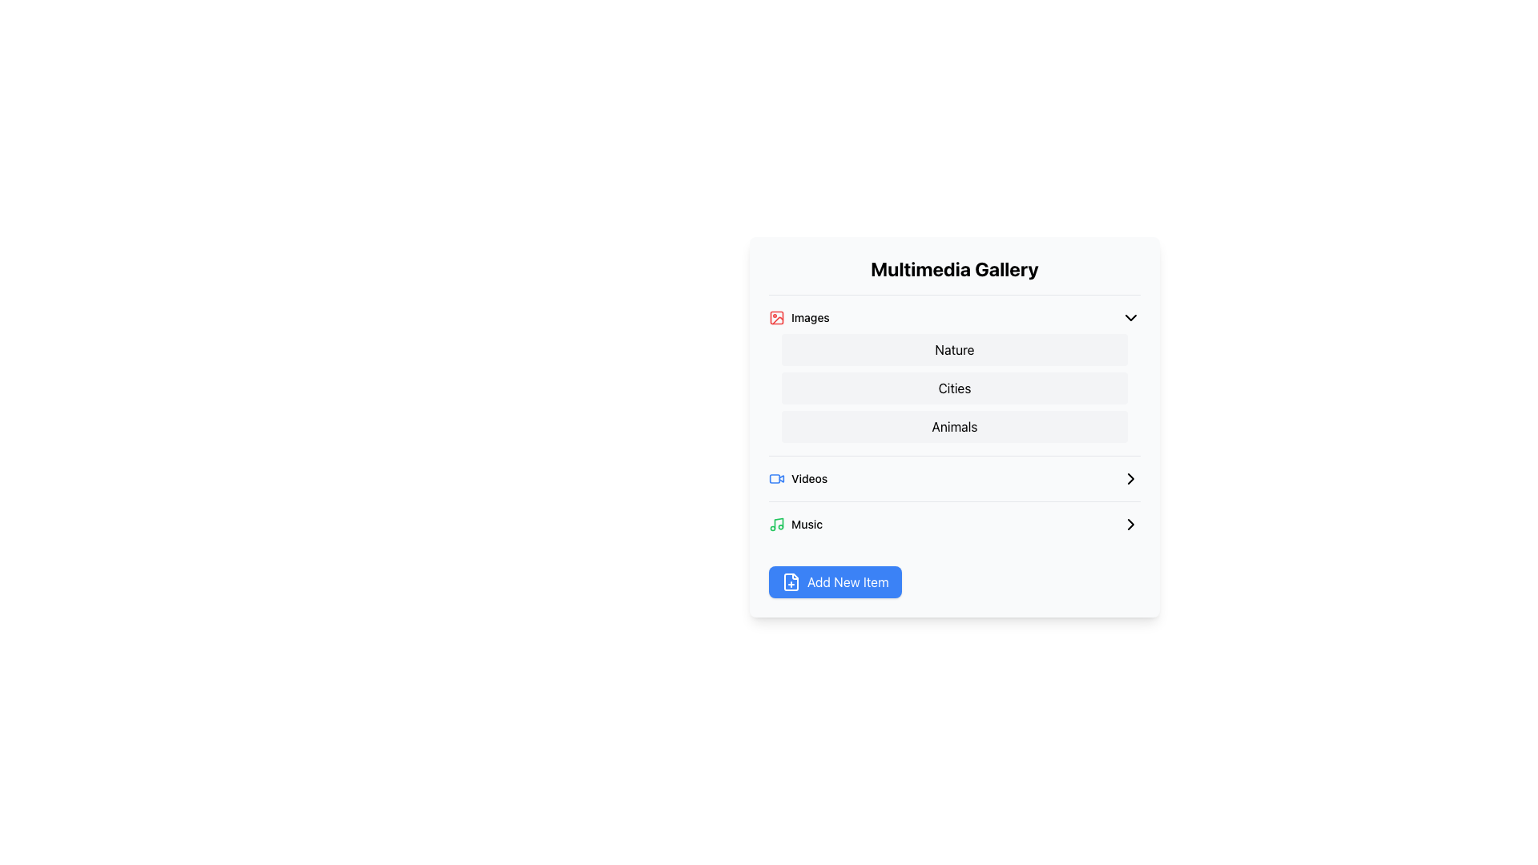 The image size is (1538, 865). Describe the element at coordinates (1129, 477) in the screenshot. I see `the chevron icon located to the right of the 'Videos' label` at that location.